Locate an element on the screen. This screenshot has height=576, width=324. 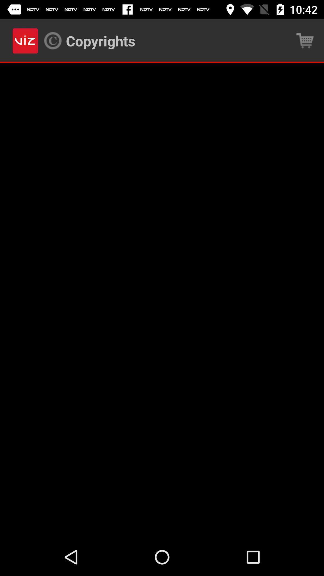
item at the top right corner is located at coordinates (305, 40).